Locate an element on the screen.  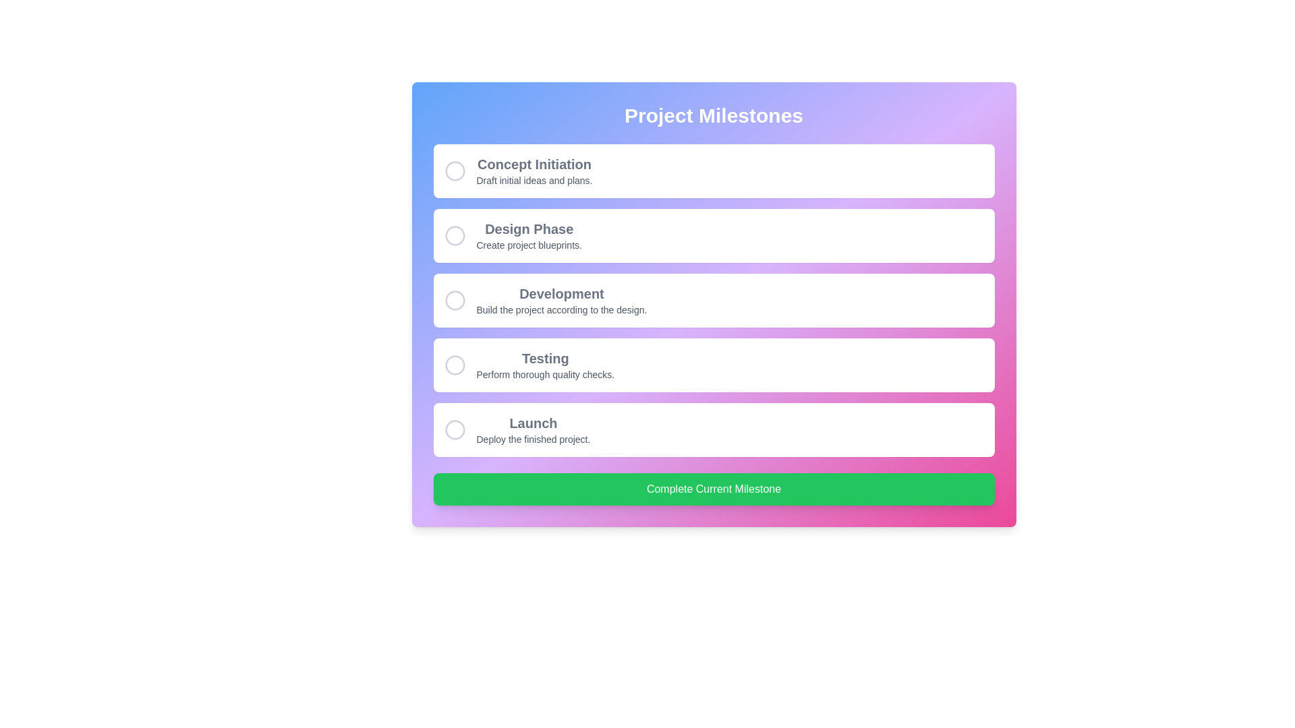
the circular indicator located in the third milestone option titled 'Development' within the 'Project Milestones' section of the interface is located at coordinates (455, 300).